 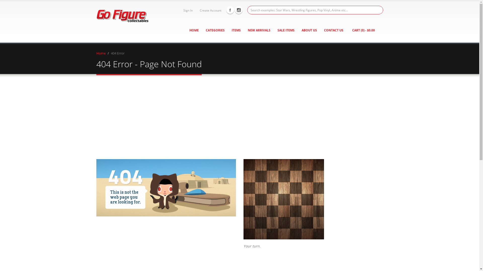 What do you see at coordinates (259, 30) in the screenshot?
I see `'NEW ARRIVALS'` at bounding box center [259, 30].